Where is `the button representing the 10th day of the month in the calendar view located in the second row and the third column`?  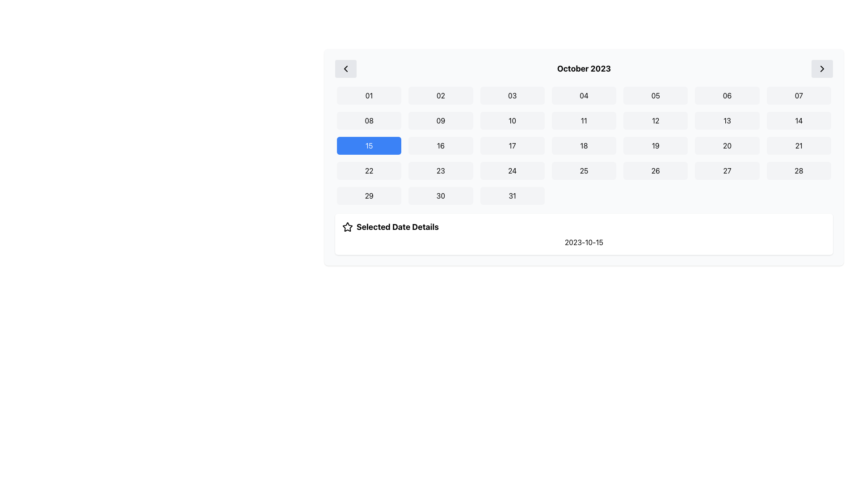
the button representing the 10th day of the month in the calendar view located in the second row and the third column is located at coordinates (512, 121).